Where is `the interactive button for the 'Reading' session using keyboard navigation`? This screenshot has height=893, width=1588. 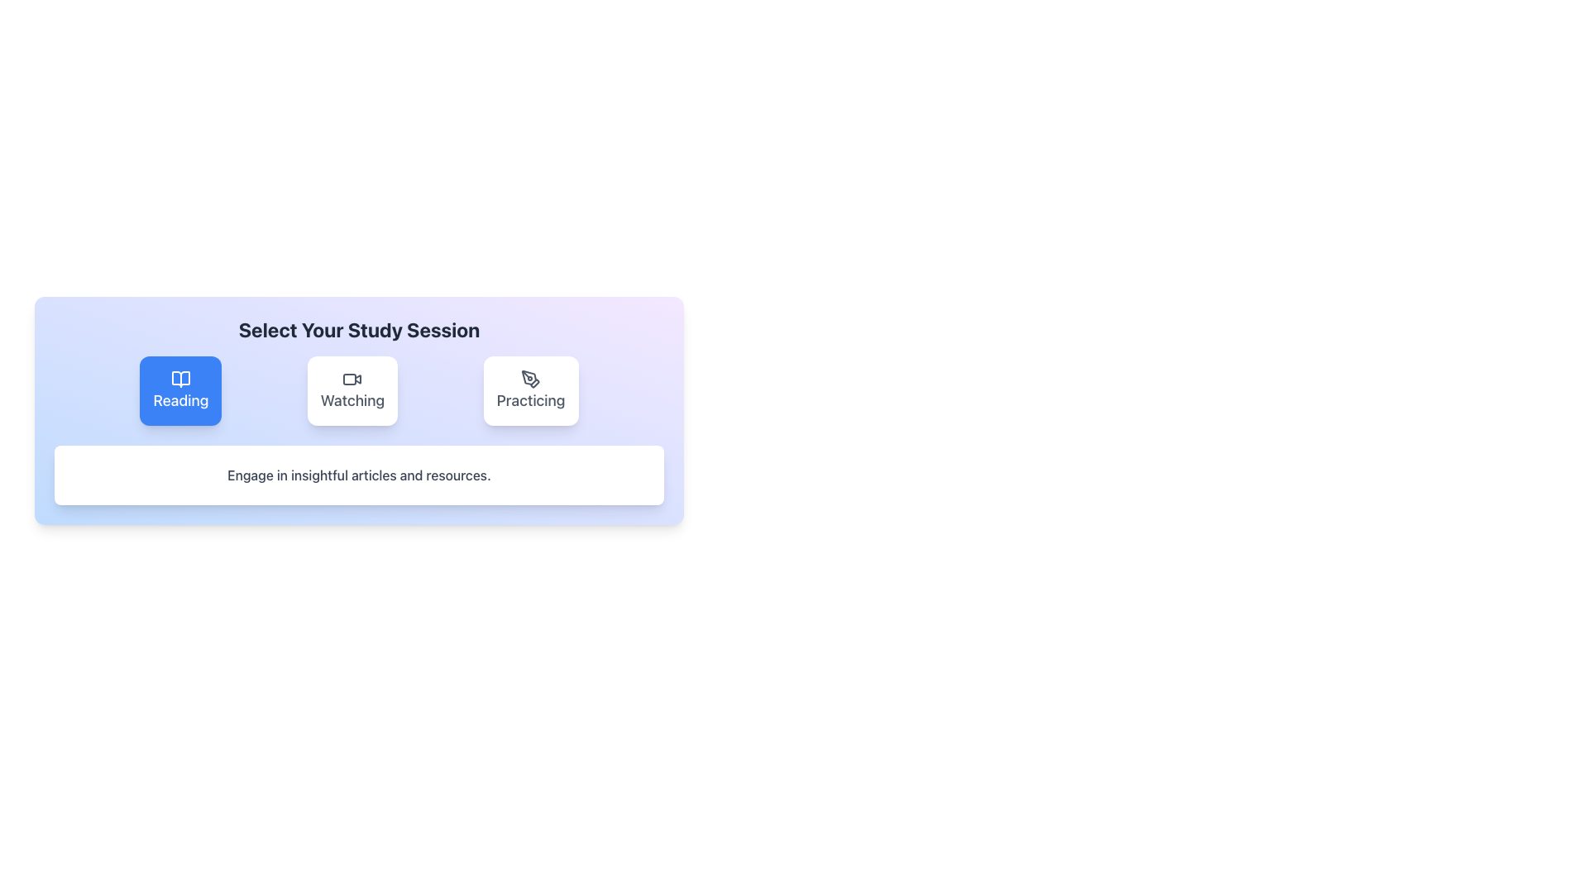
the interactive button for the 'Reading' session using keyboard navigation is located at coordinates (180, 391).